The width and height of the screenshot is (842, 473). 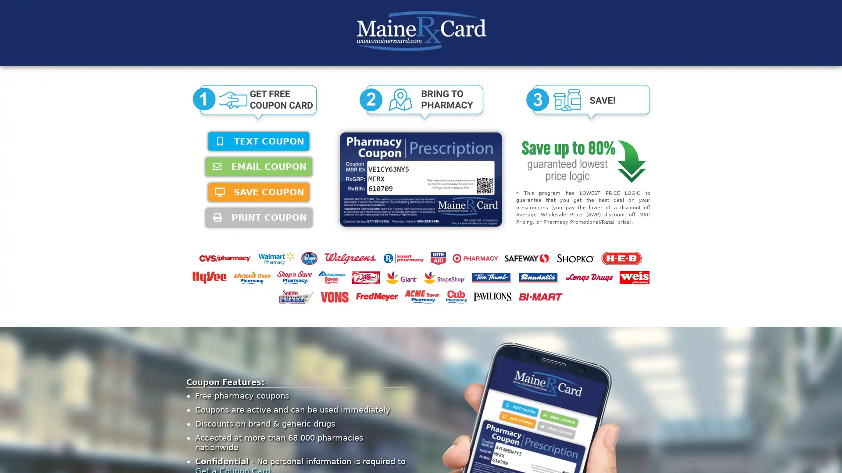 I want to click on TEXT COUPON, so click(x=258, y=141).